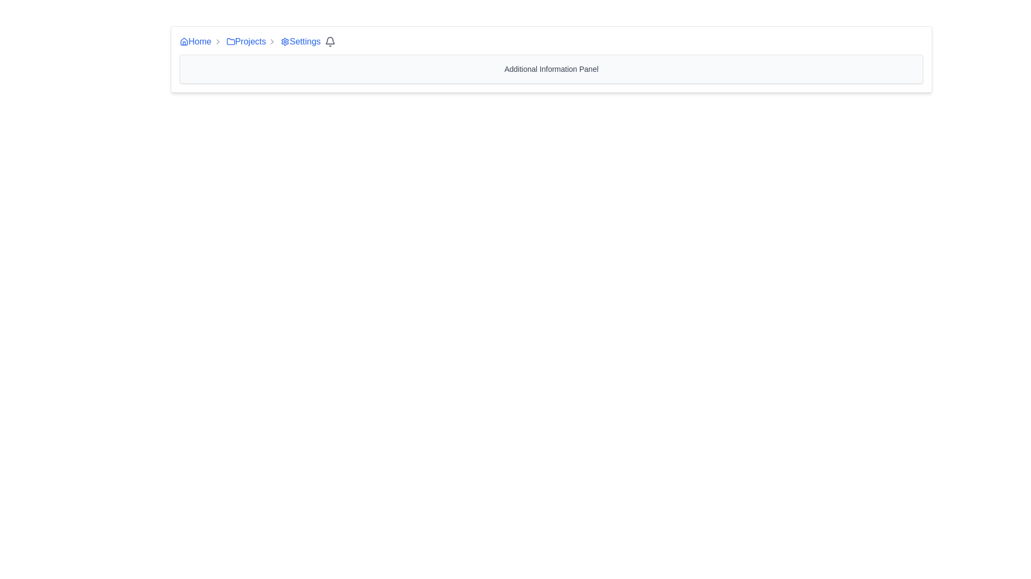  What do you see at coordinates (330, 40) in the screenshot?
I see `the notification bell icon located on the right side of the header to interact with it, which serves as a visual component indicating alerts or notifications` at bounding box center [330, 40].